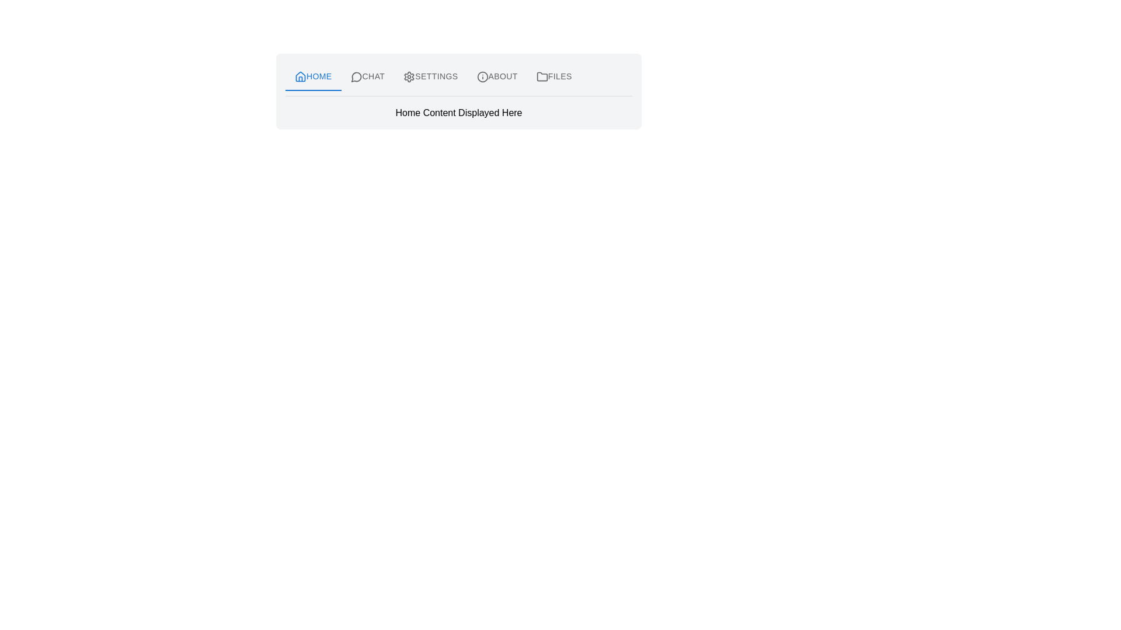  What do you see at coordinates (409, 76) in the screenshot?
I see `the main part of the gear icon associated with the 'Settings' label in the menu bar to interact with it` at bounding box center [409, 76].